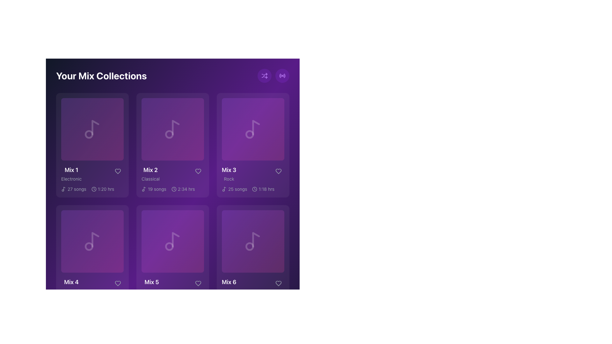 The width and height of the screenshot is (612, 344). Describe the element at coordinates (154, 189) in the screenshot. I see `the label indicating the number of songs in the 'Mix 2' playlist, located in the upper-middle card of the mix collection grid layout` at that location.